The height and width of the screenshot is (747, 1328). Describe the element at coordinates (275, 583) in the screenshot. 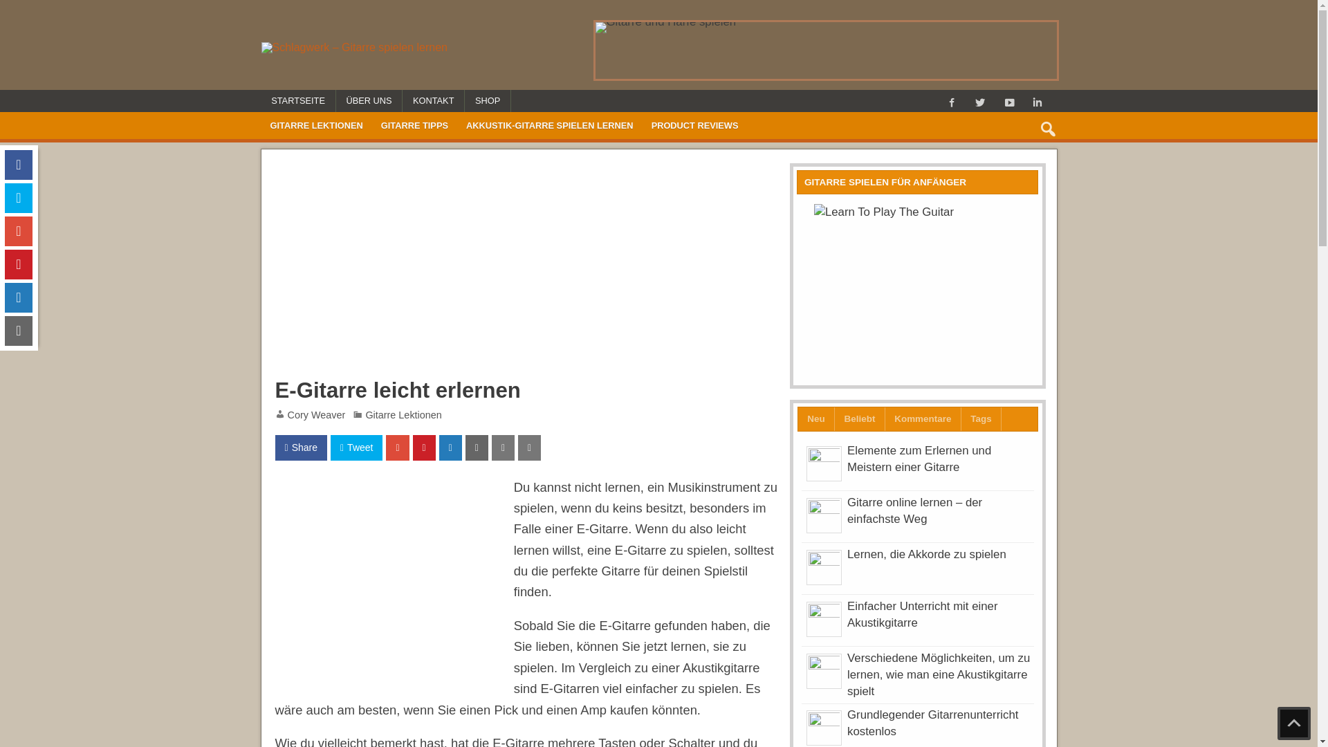

I see `'Advertisement'` at that location.